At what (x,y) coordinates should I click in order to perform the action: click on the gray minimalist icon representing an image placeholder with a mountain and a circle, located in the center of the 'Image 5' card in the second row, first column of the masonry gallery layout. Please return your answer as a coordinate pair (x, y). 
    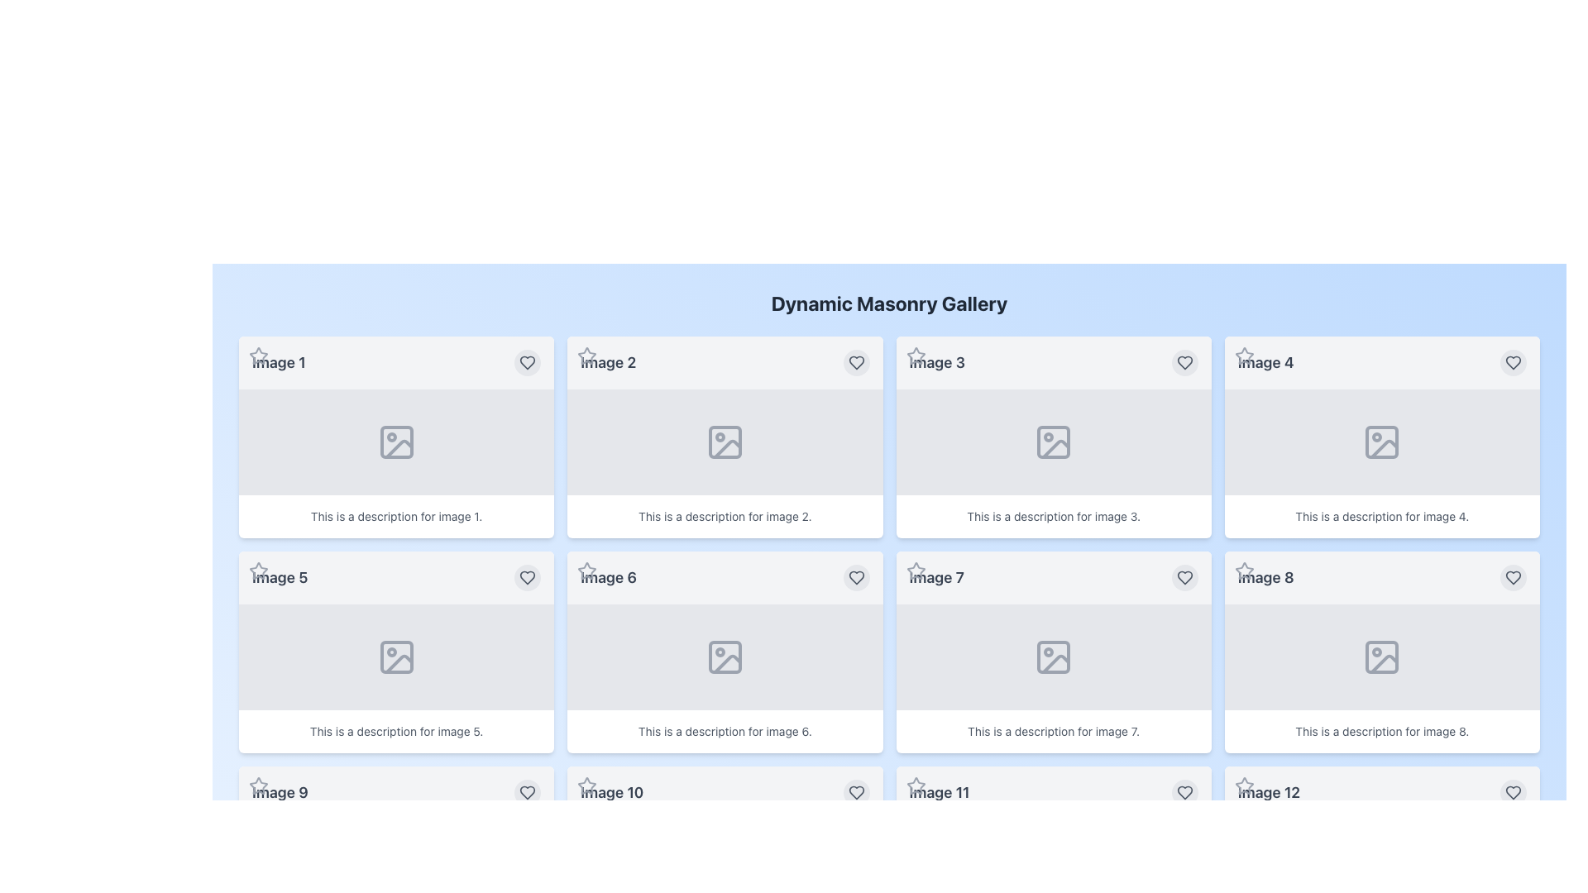
    Looking at the image, I should click on (395, 656).